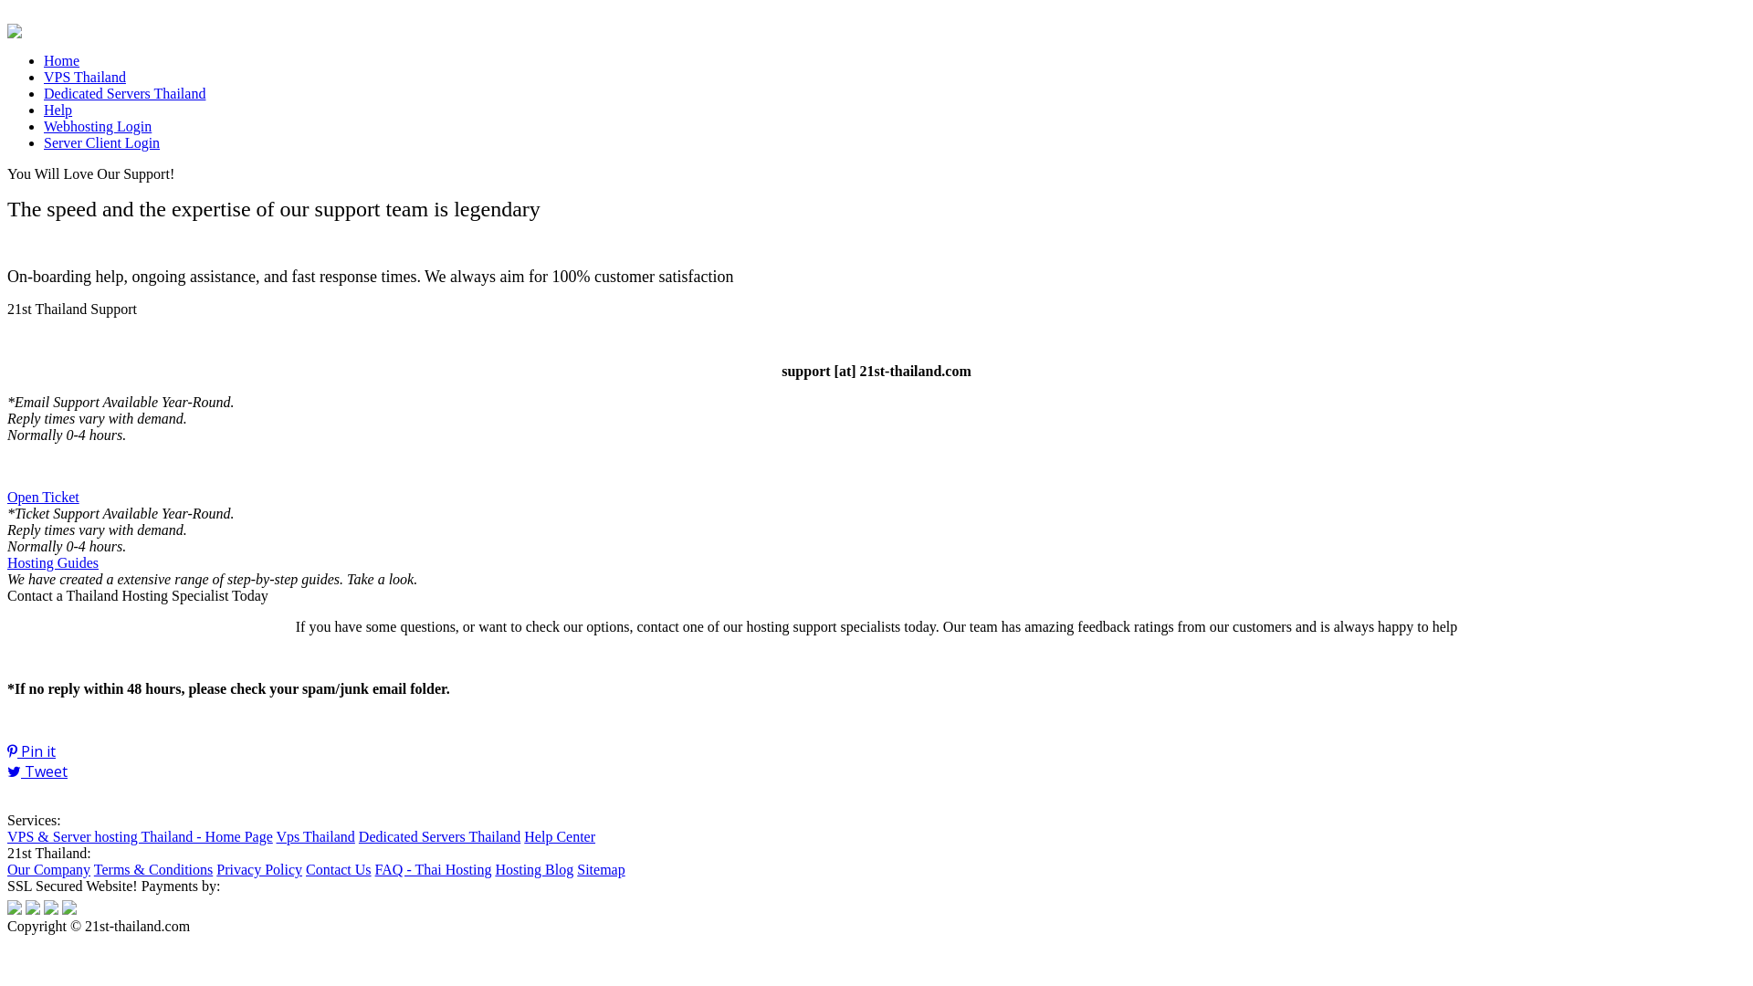  What do you see at coordinates (495, 868) in the screenshot?
I see `'Hosting Blog'` at bounding box center [495, 868].